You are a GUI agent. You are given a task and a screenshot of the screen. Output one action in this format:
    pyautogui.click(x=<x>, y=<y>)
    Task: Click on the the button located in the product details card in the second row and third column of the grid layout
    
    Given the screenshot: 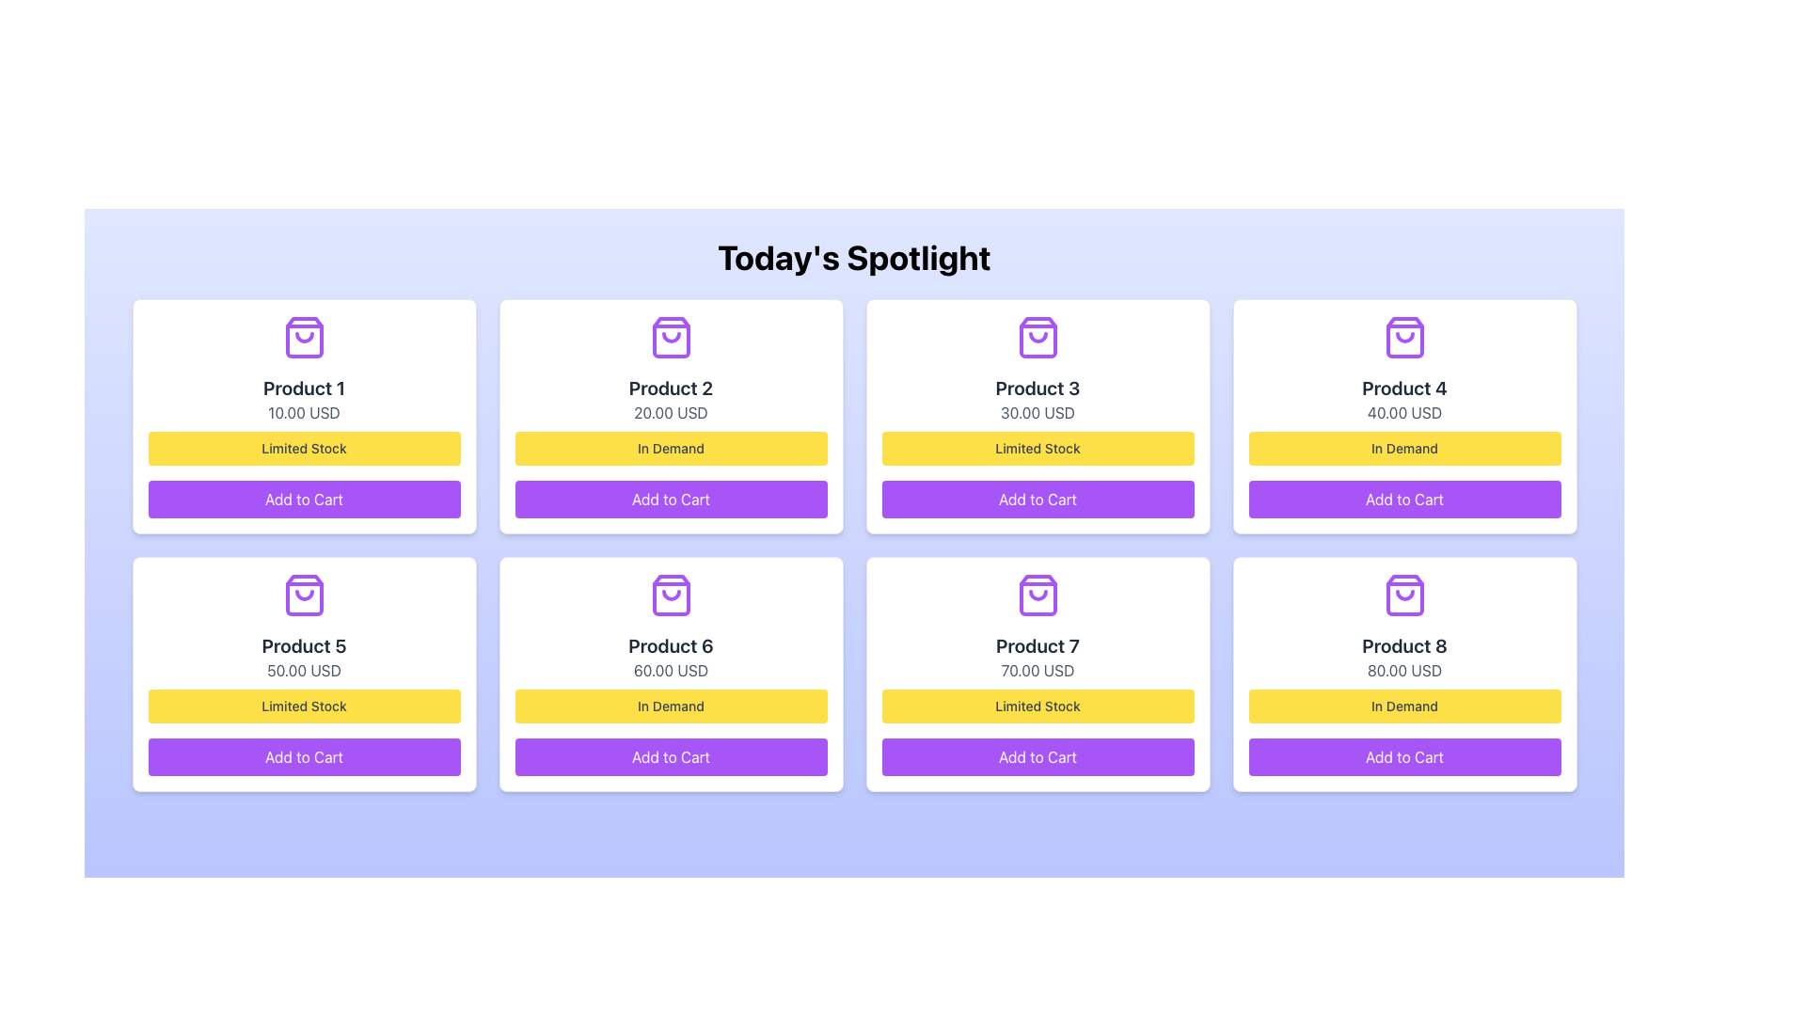 What is the action you would take?
    pyautogui.click(x=671, y=756)
    